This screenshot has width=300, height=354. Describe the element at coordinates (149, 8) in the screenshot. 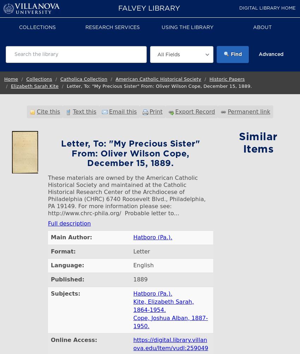

I see `'Falvey Library'` at that location.